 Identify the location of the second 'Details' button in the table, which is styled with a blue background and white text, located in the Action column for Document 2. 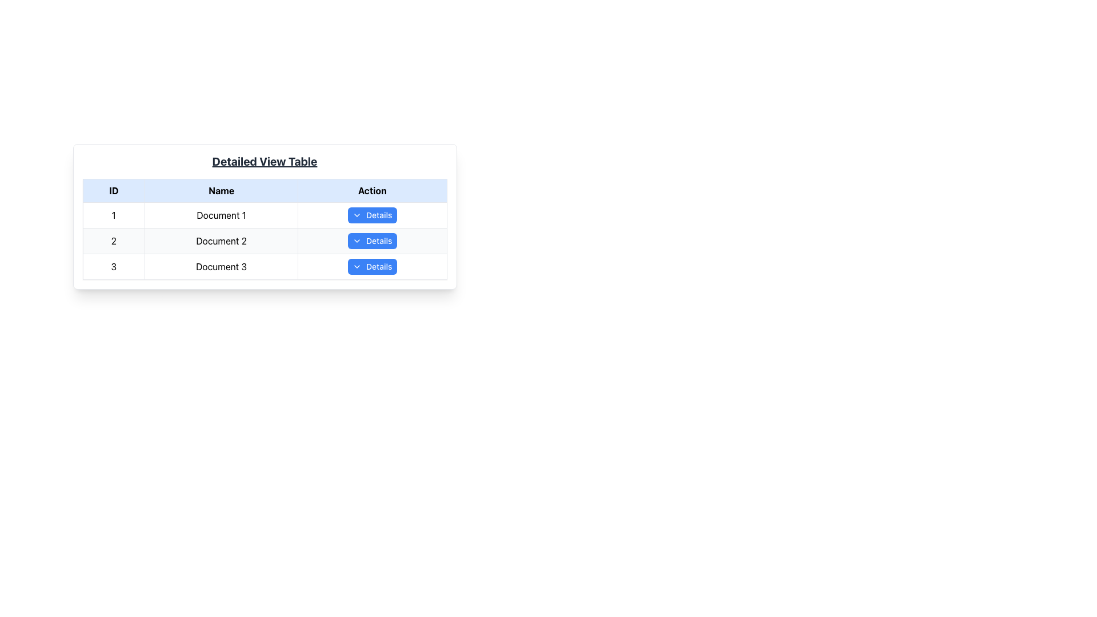
(372, 240).